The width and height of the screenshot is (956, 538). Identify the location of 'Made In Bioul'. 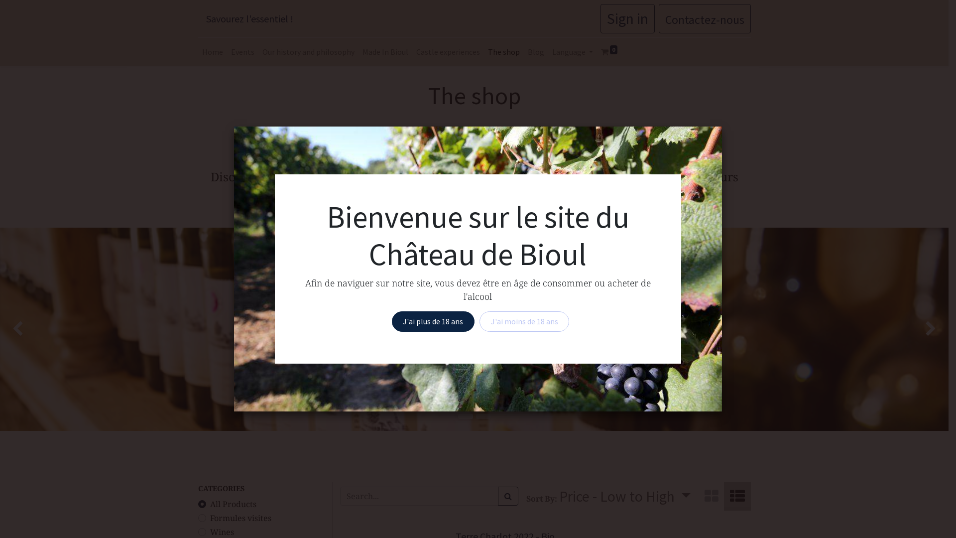
(384, 52).